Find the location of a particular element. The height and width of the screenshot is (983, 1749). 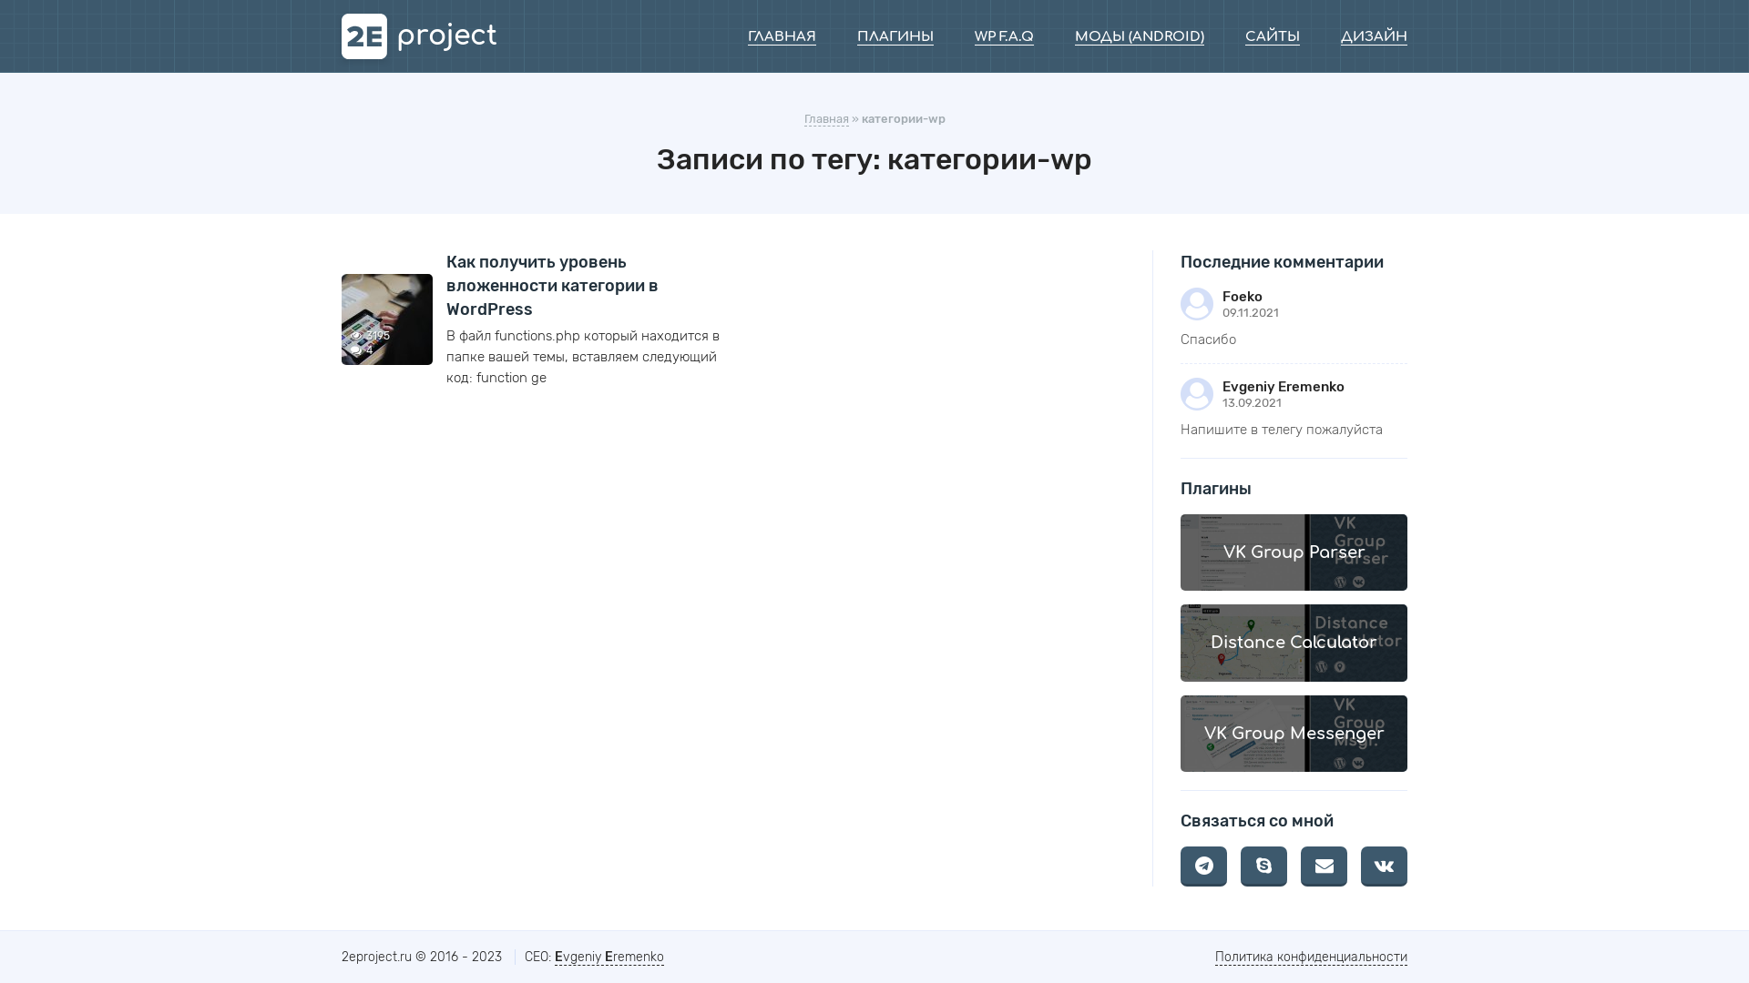

'project' is located at coordinates (418, 35).